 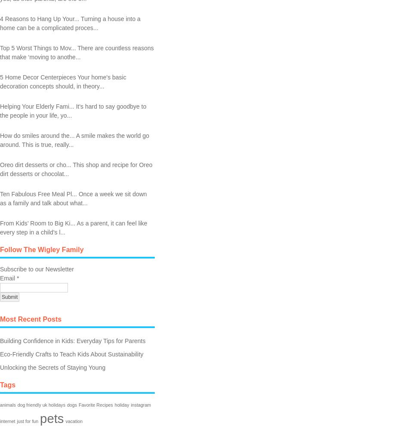 I want to click on 'holiday', so click(x=121, y=404).